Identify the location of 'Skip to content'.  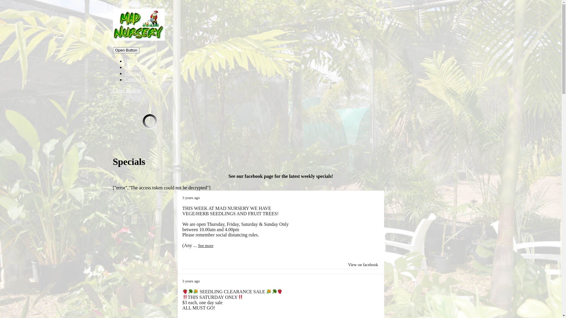
(128, 5).